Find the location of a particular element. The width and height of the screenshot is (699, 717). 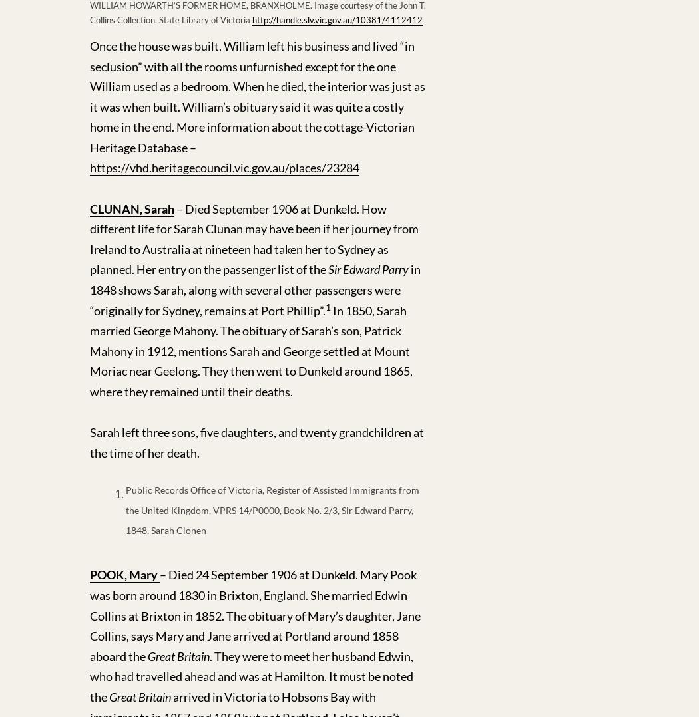

'Sarah left three sons, five daughters, and twenty grandchildren at the time of her death.' is located at coordinates (256, 442).